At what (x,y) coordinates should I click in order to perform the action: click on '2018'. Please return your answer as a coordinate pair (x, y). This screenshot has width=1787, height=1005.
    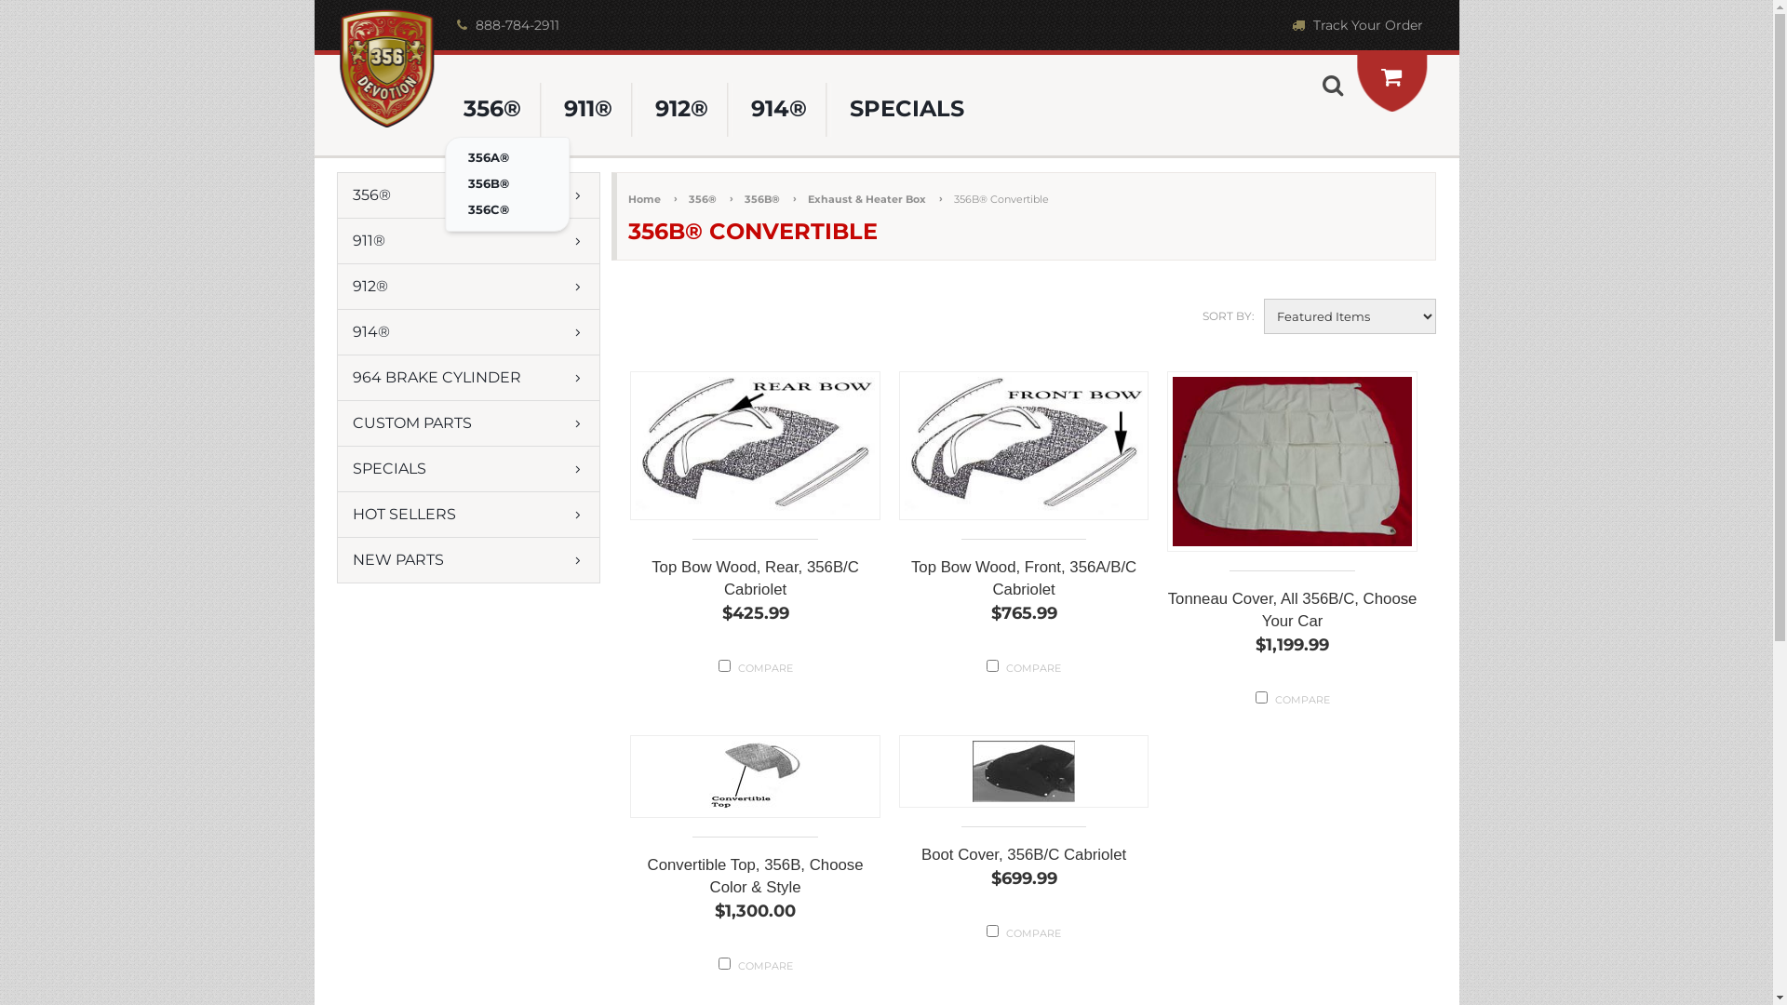
    Looking at the image, I should click on (723, 664).